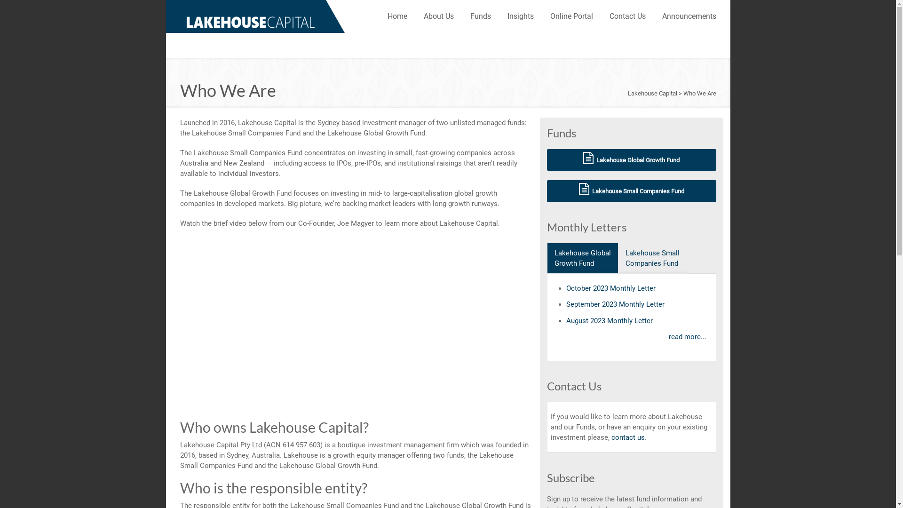  What do you see at coordinates (689, 16) in the screenshot?
I see `'Announcements'` at bounding box center [689, 16].